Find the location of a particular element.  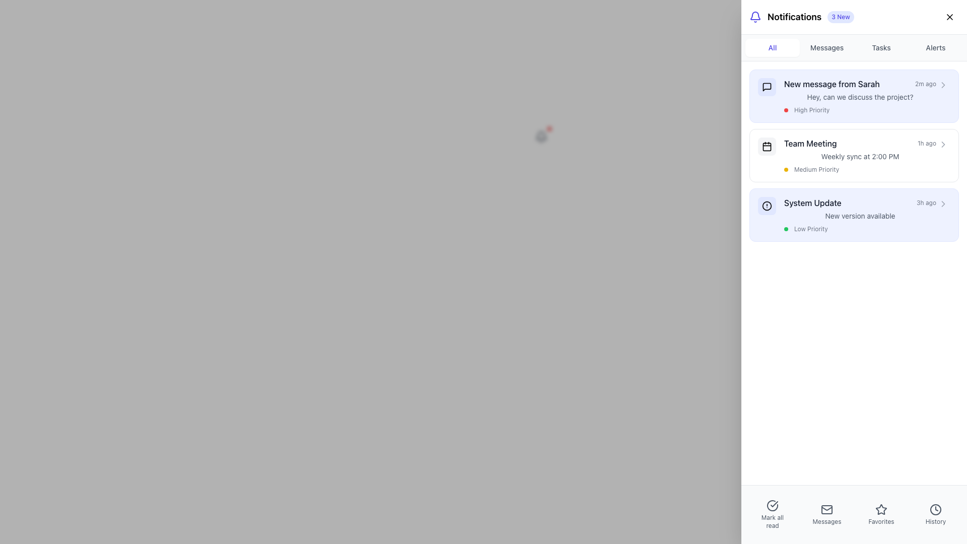

the button located at the right end of the notification item labeled 'New message from Sarah' is located at coordinates (942, 85).